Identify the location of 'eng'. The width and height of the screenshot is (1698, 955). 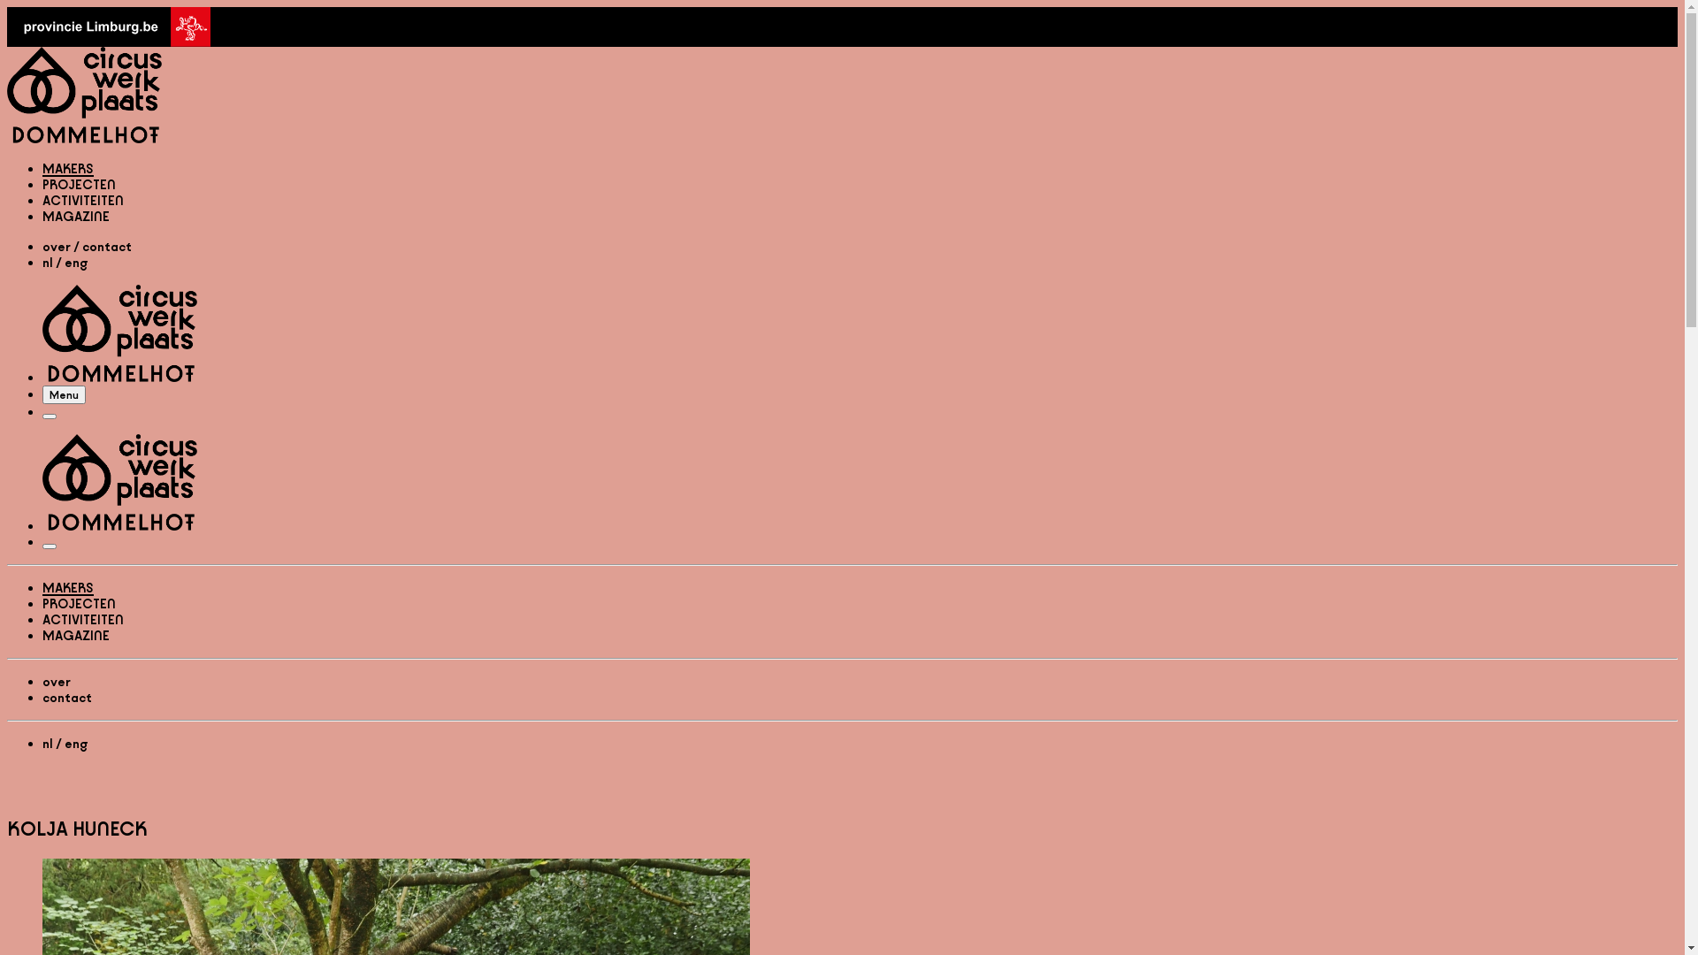
(75, 744).